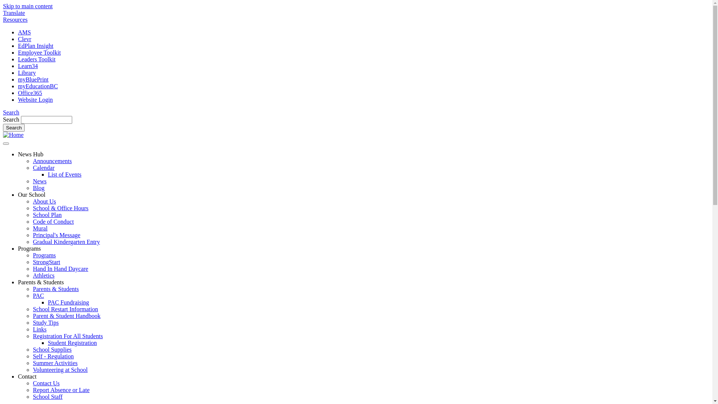 The width and height of the screenshot is (718, 404). Describe the element at coordinates (64, 174) in the screenshot. I see `'List of Events'` at that location.